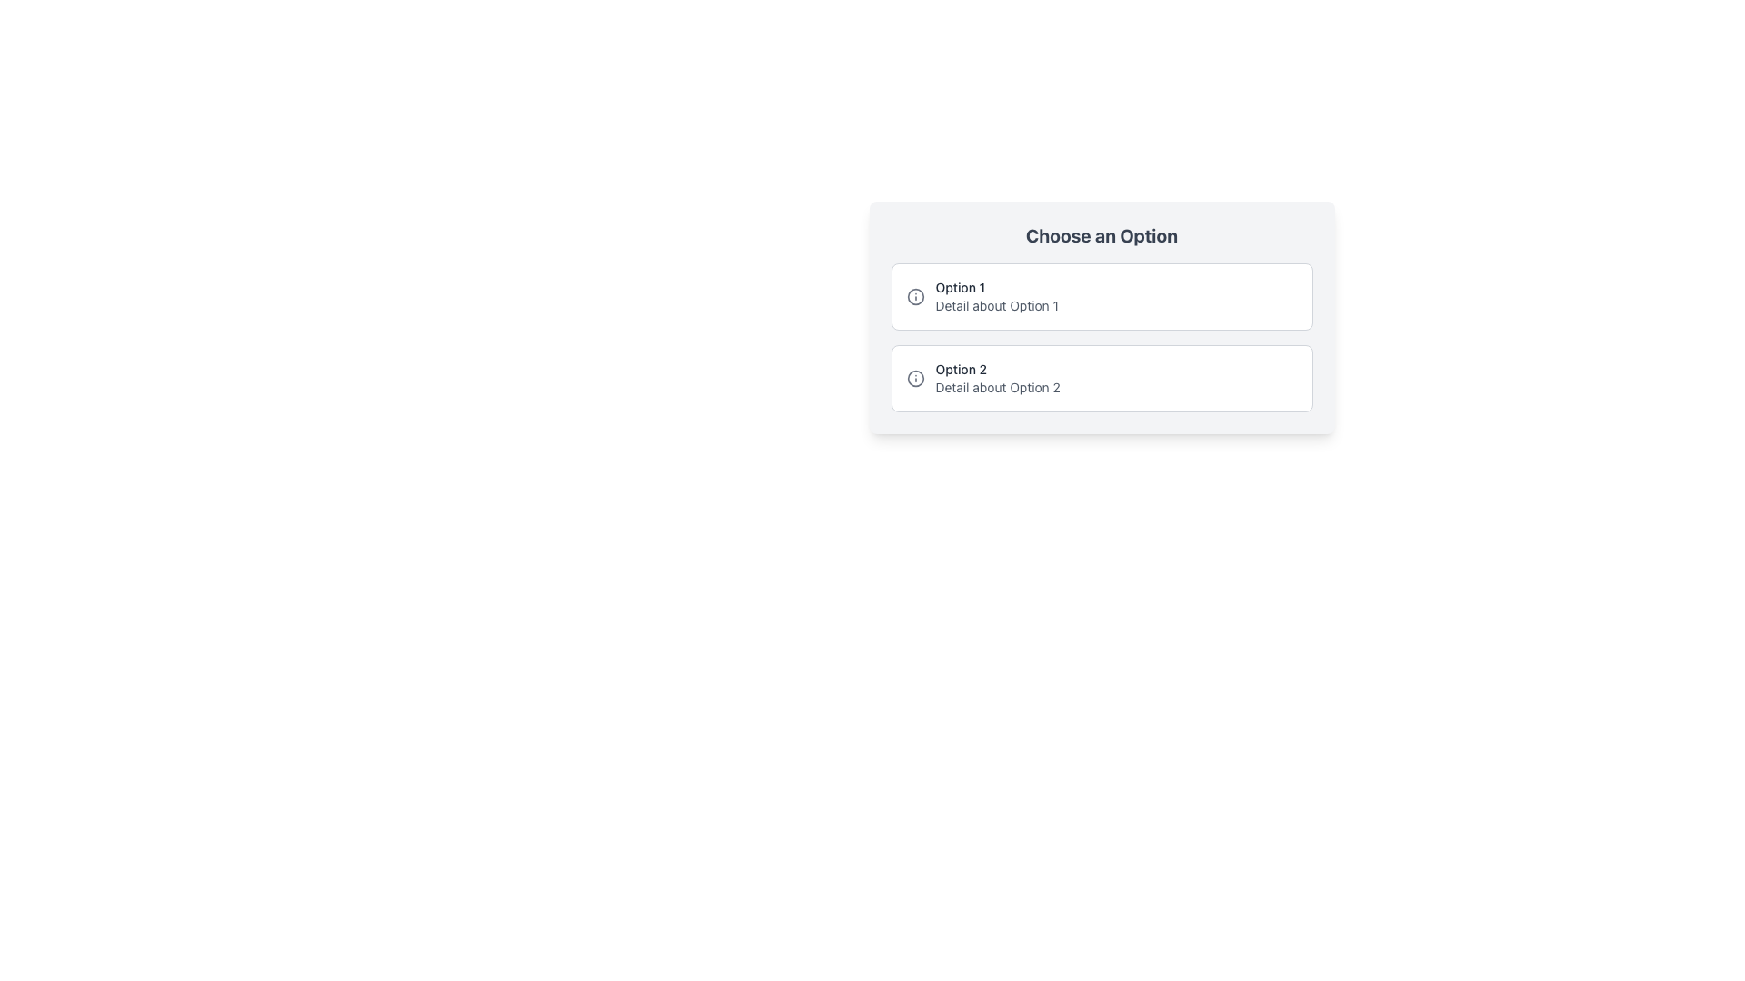  Describe the element at coordinates (915, 377) in the screenshot. I see `the informational icon located to the left of the text 'Option 2' within the second option box under the heading 'Choose an Option'` at that location.